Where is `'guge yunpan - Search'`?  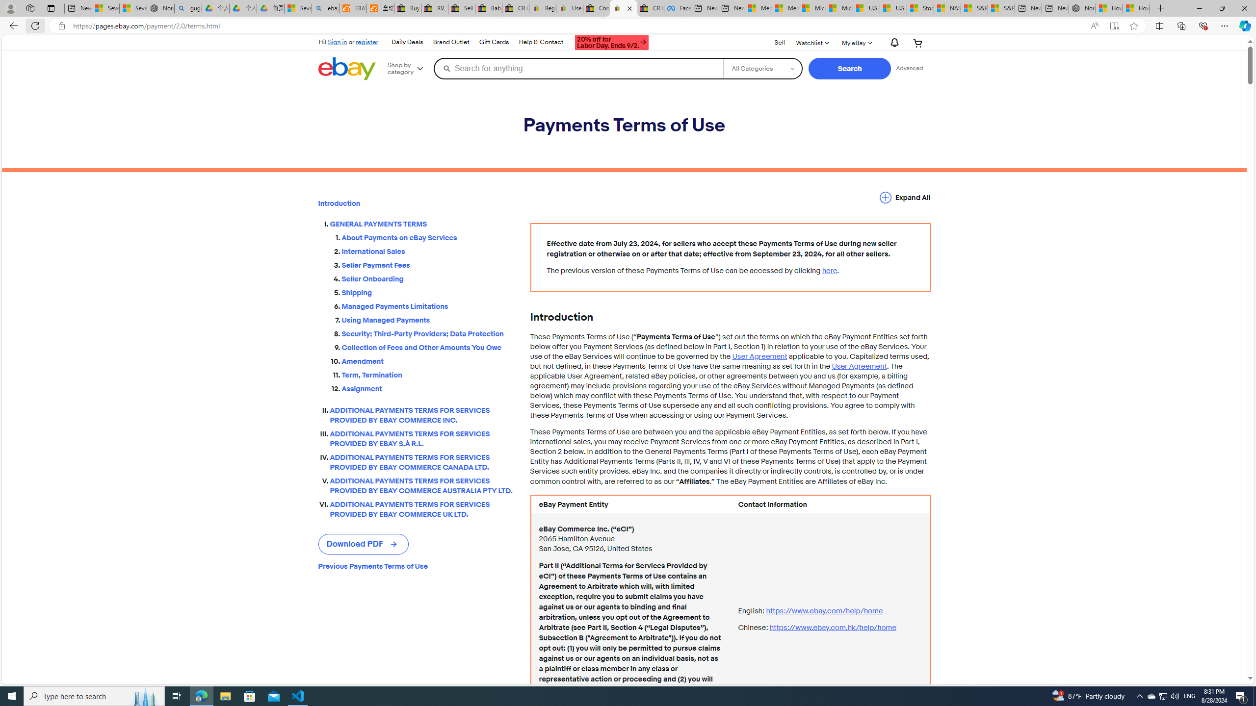 'guge yunpan - Search' is located at coordinates (188, 8).